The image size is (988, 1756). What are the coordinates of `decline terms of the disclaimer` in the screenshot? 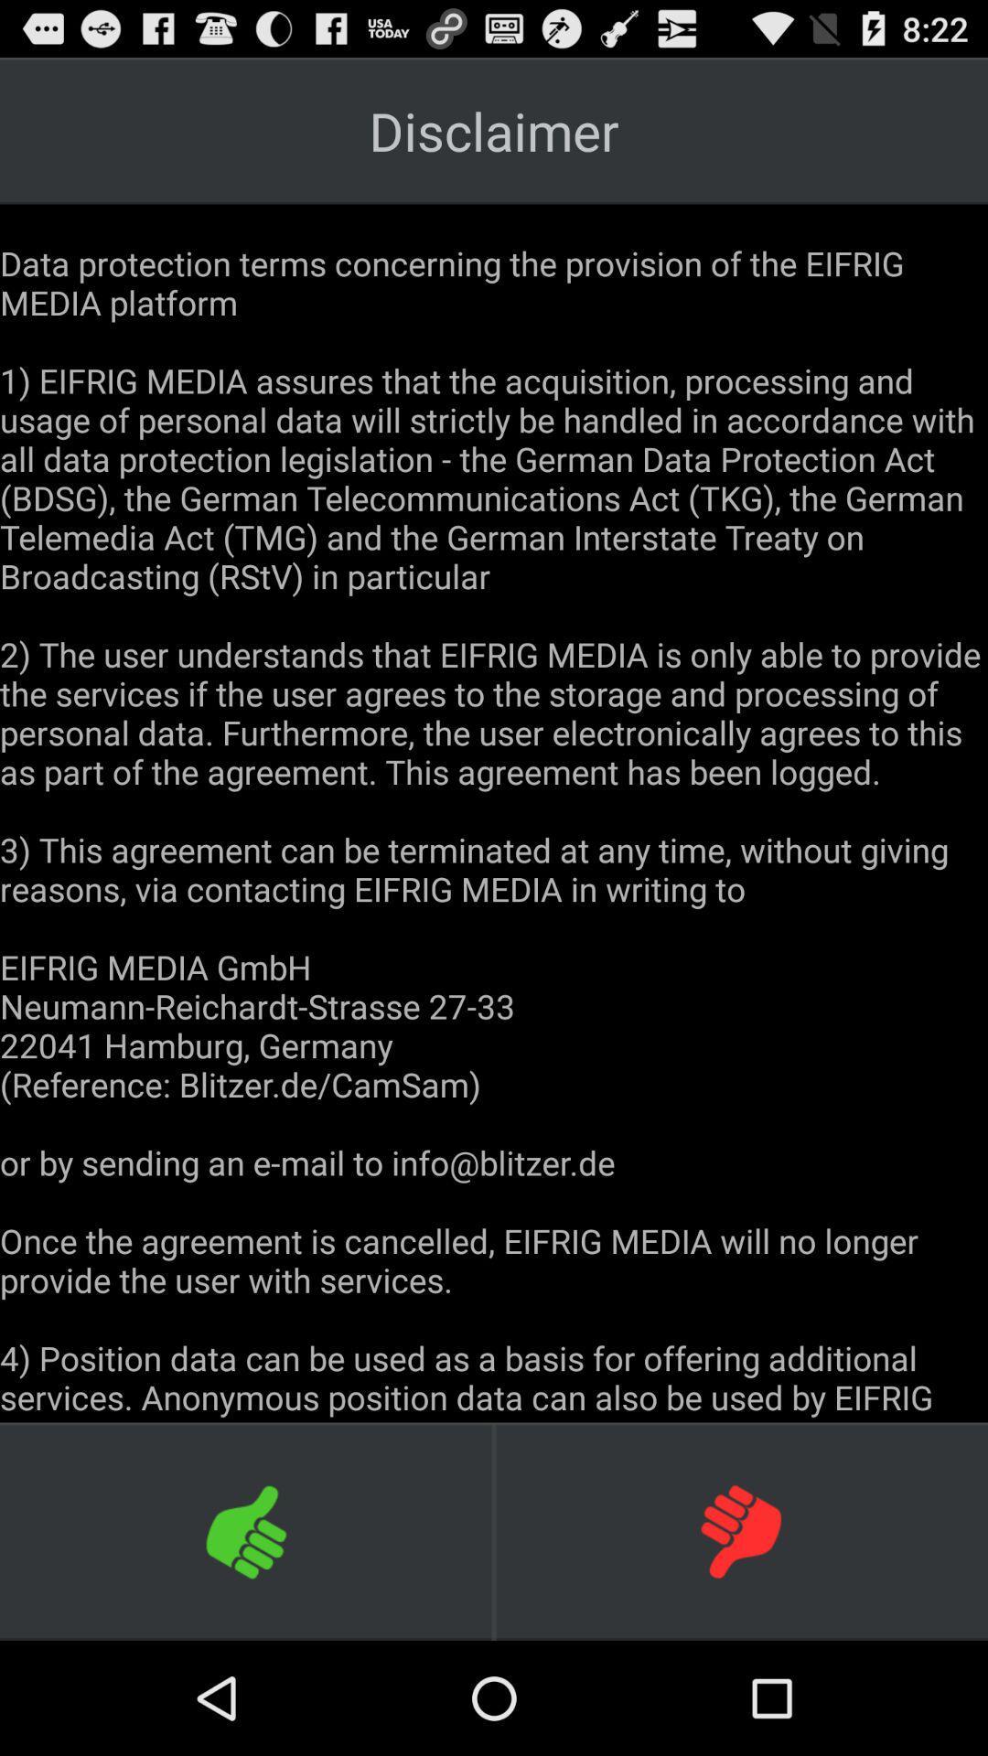 It's located at (741, 1531).